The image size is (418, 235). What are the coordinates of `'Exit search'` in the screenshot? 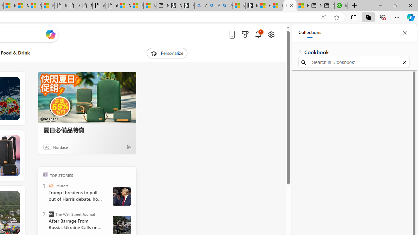 It's located at (404, 62).